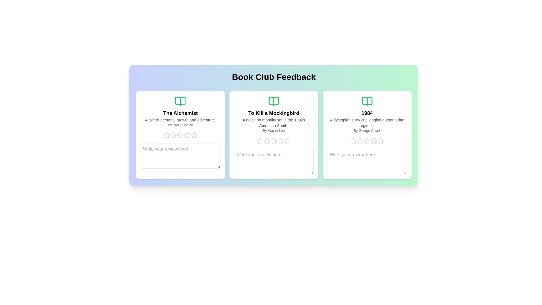 The width and height of the screenshot is (542, 305). I want to click on the fourth star icon in the rating system for the book '1984', so click(374, 140).